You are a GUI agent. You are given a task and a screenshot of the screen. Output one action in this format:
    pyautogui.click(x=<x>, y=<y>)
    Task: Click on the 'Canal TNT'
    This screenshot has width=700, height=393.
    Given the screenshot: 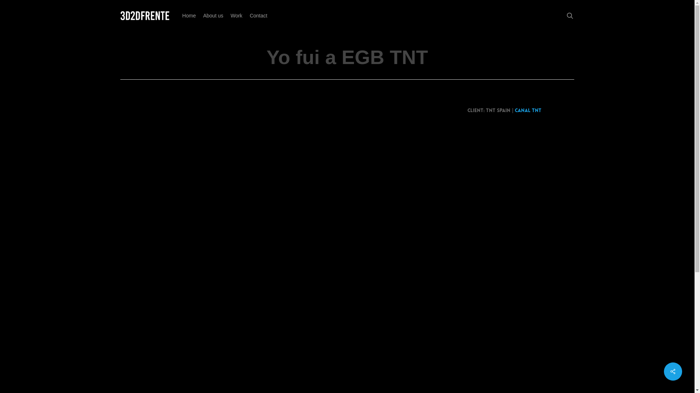 What is the action you would take?
    pyautogui.click(x=514, y=110)
    